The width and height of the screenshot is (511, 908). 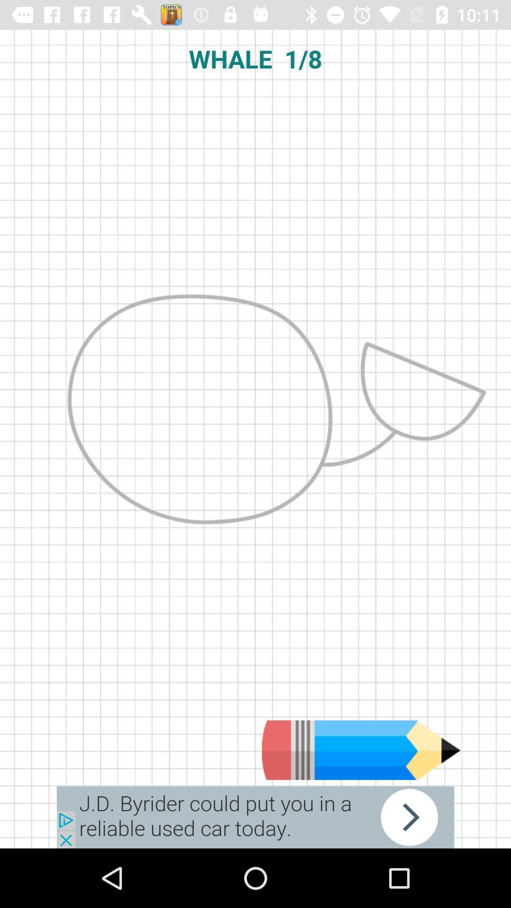 What do you see at coordinates (255, 817) in the screenshot?
I see `advertisement page` at bounding box center [255, 817].